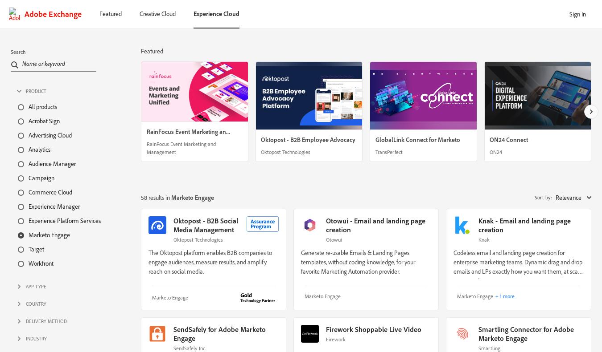 This screenshot has width=602, height=352. Describe the element at coordinates (326, 239) in the screenshot. I see `'Otowui'` at that location.